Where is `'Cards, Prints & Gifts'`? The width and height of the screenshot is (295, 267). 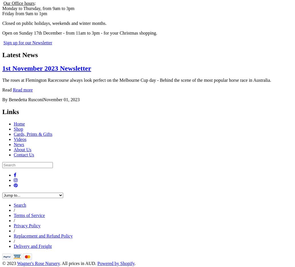
'Cards, Prints & Gifts' is located at coordinates (33, 134).